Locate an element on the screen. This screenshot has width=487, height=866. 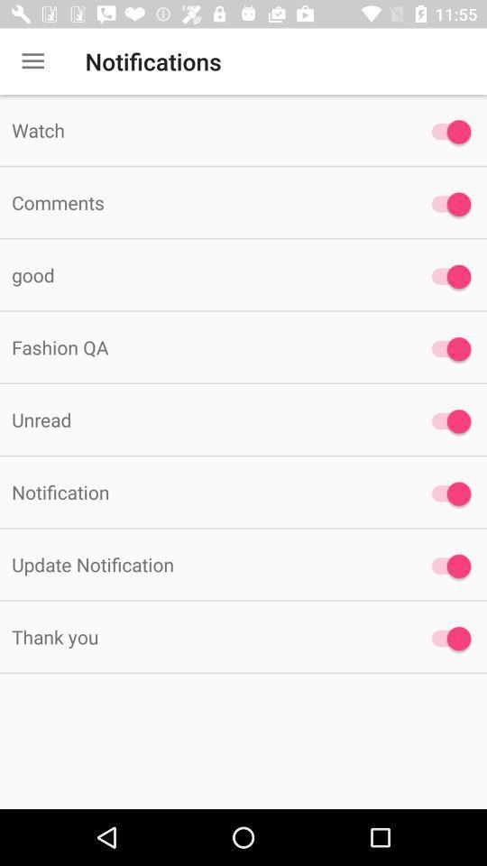
the update notification icon is located at coordinates (202, 563).